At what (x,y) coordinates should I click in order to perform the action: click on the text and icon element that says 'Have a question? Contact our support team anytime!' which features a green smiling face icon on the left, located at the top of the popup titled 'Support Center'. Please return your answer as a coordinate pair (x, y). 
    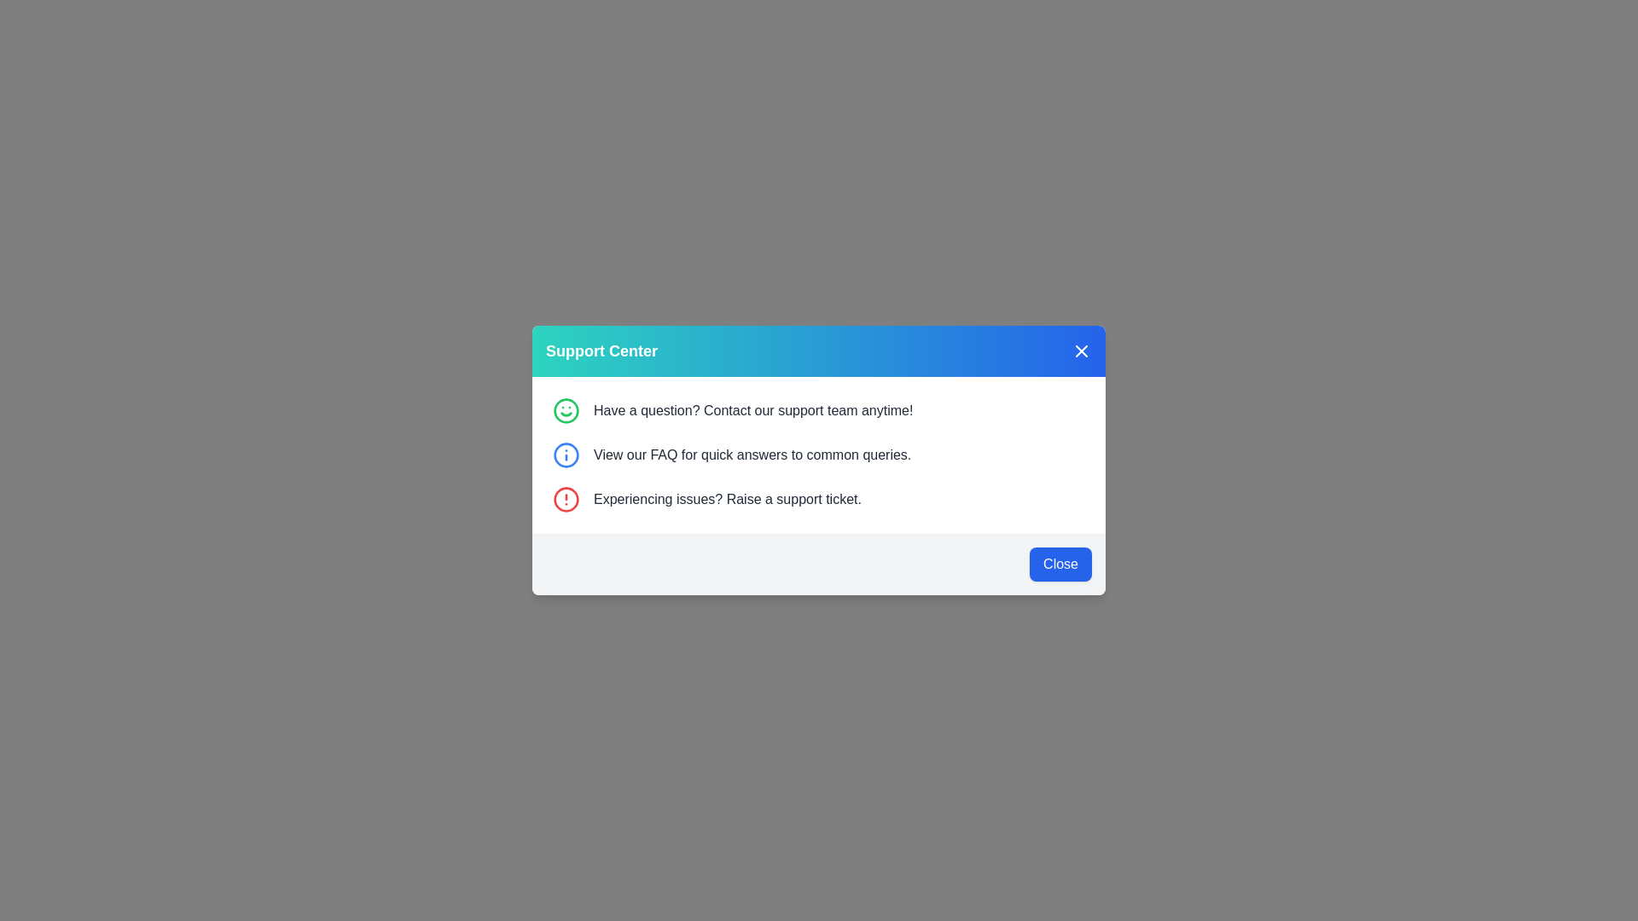
    Looking at the image, I should click on (819, 411).